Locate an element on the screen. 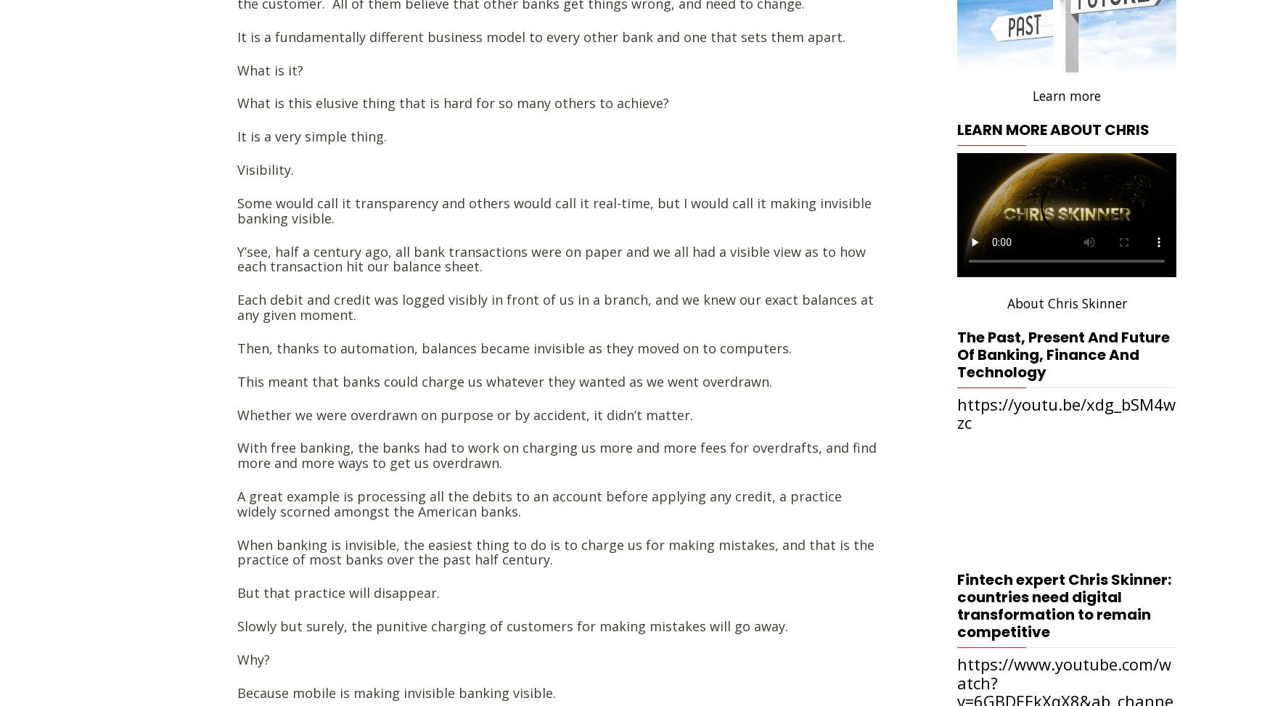 This screenshot has height=706, width=1270. 'With free banking, the banks had to work on charging us more and more fees for overdrafts, and find more and more ways to get us overdrawn.' is located at coordinates (556, 454).